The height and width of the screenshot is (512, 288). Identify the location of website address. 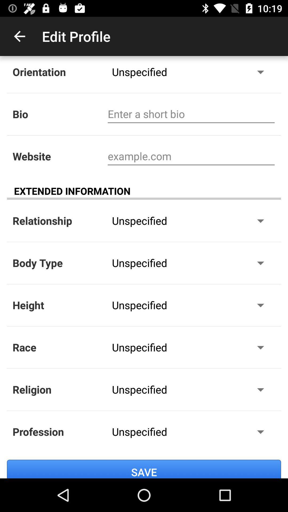
(191, 156).